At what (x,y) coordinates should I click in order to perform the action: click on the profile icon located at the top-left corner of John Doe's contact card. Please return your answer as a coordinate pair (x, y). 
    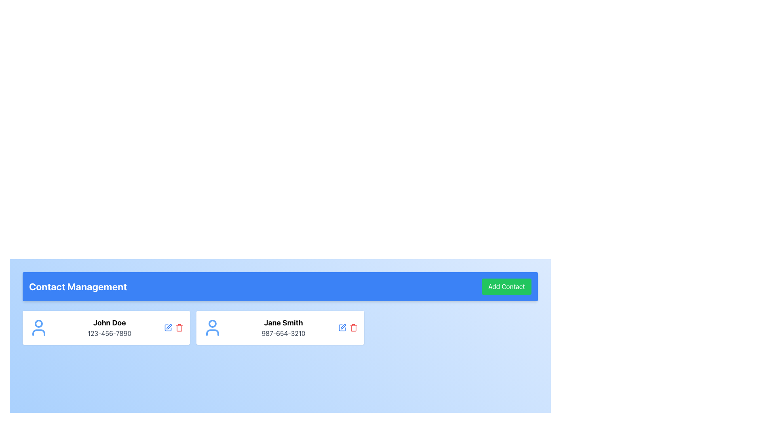
    Looking at the image, I should click on (38, 328).